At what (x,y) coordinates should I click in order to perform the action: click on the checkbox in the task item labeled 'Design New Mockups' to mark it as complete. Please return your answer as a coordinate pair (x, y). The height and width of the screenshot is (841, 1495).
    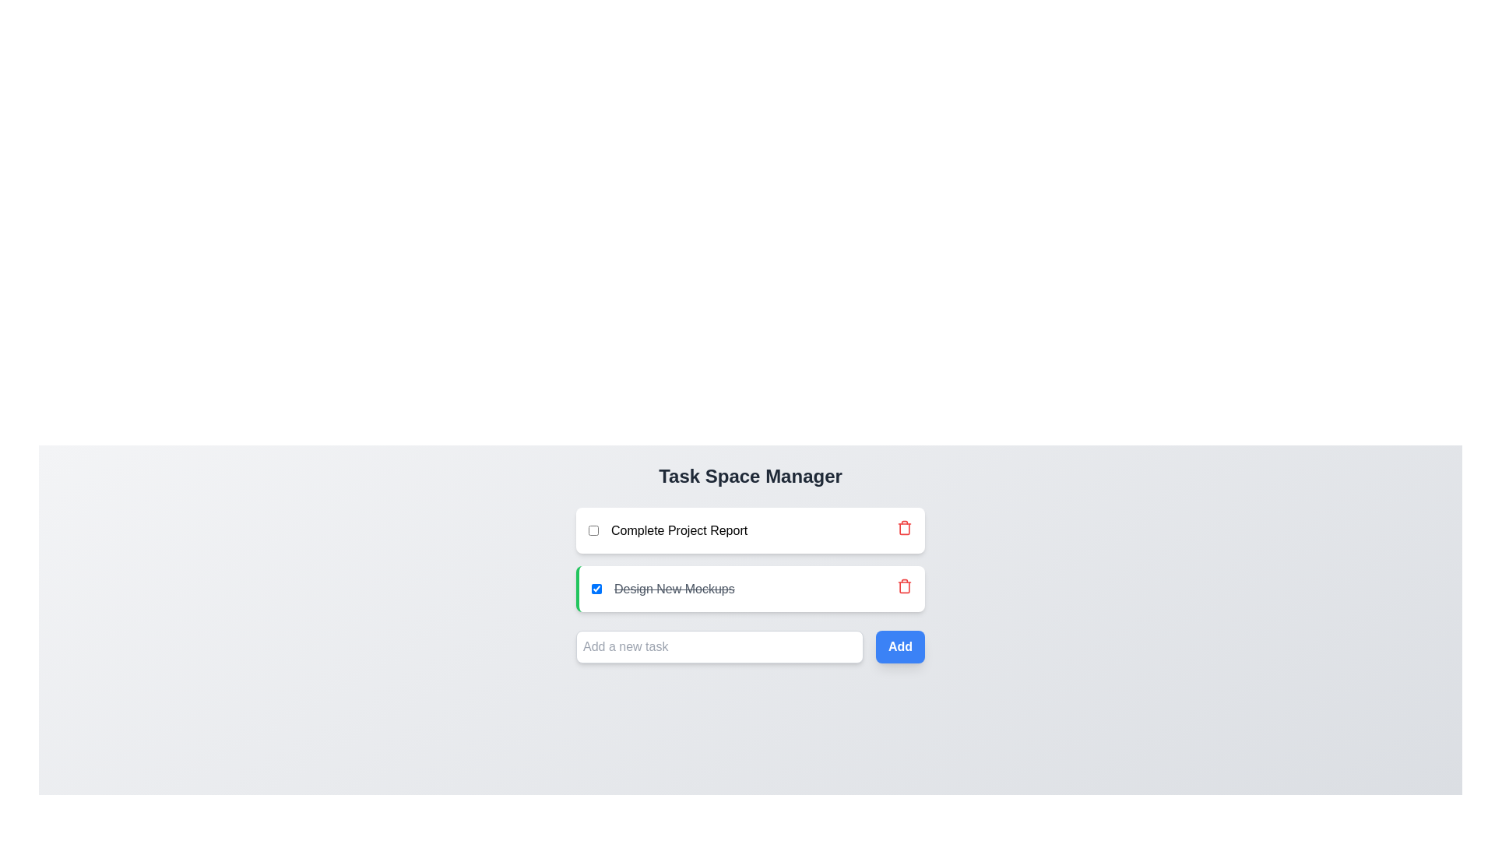
    Looking at the image, I should click on (751, 558).